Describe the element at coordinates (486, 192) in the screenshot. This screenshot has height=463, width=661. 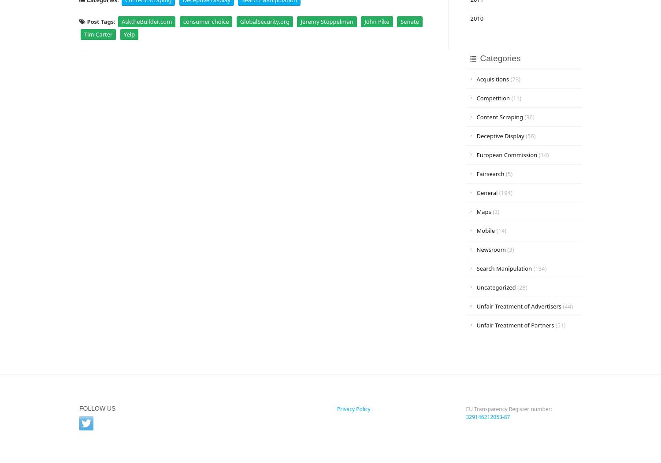
I see `'General'` at that location.